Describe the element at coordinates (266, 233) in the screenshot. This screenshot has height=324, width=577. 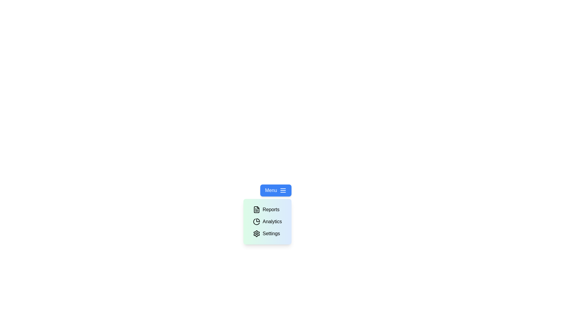
I see `the menu item Settings to observe its hover effect` at that location.